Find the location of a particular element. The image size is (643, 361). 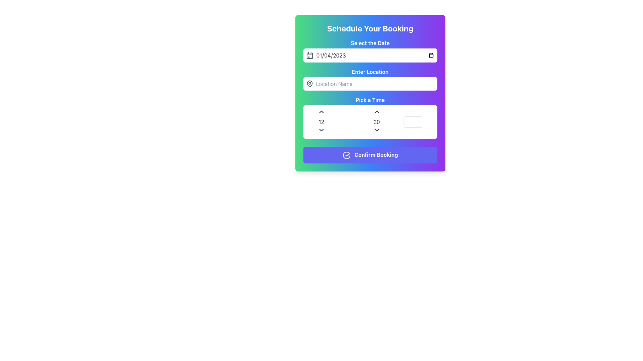

the SVG-based check mark icon inside the 'Confirm Booking' button, located towards the left side of the button's label is located at coordinates (346, 155).